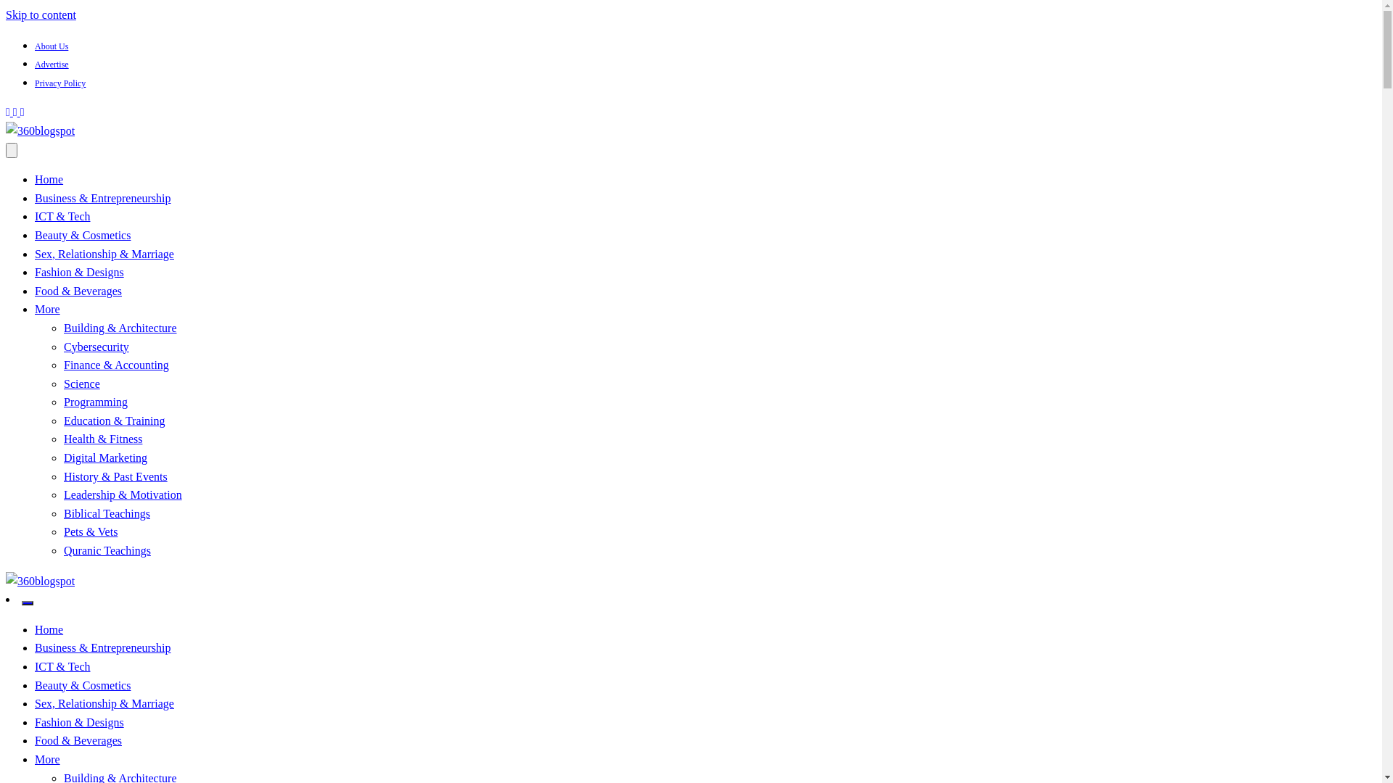  Describe the element at coordinates (123, 494) in the screenshot. I see `'Leadership & Motivation'` at that location.